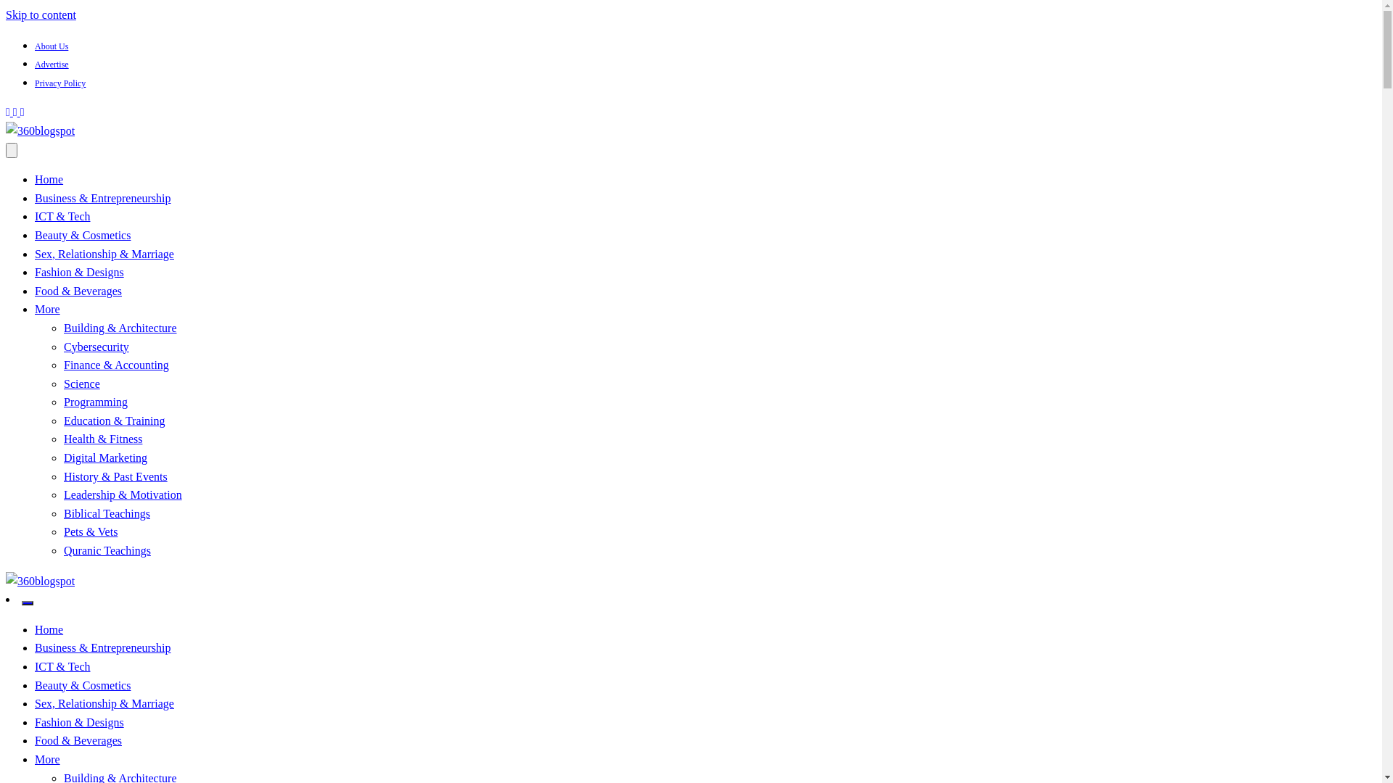  Describe the element at coordinates (123, 494) in the screenshot. I see `'Leadership & Motivation'` at that location.